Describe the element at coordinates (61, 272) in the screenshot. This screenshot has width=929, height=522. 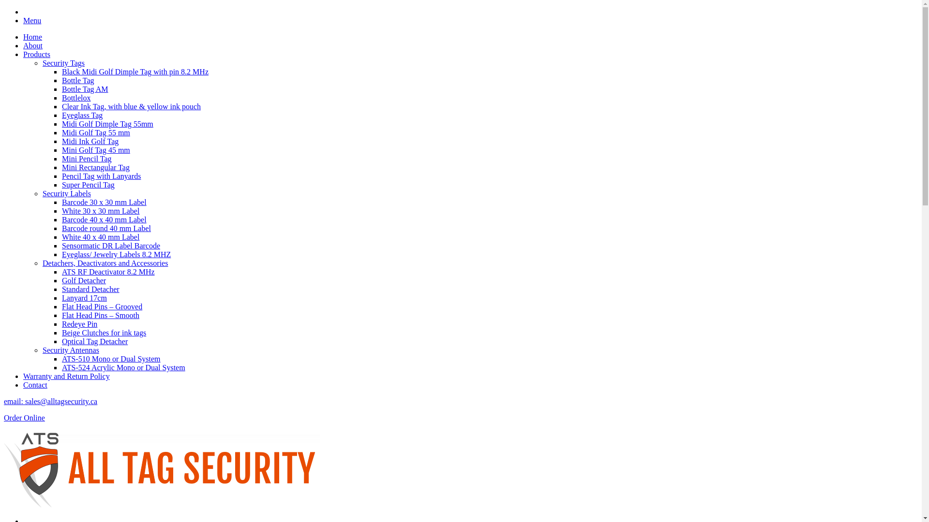
I see `'ATS RF Deactivator 8.2 MHz'` at that location.